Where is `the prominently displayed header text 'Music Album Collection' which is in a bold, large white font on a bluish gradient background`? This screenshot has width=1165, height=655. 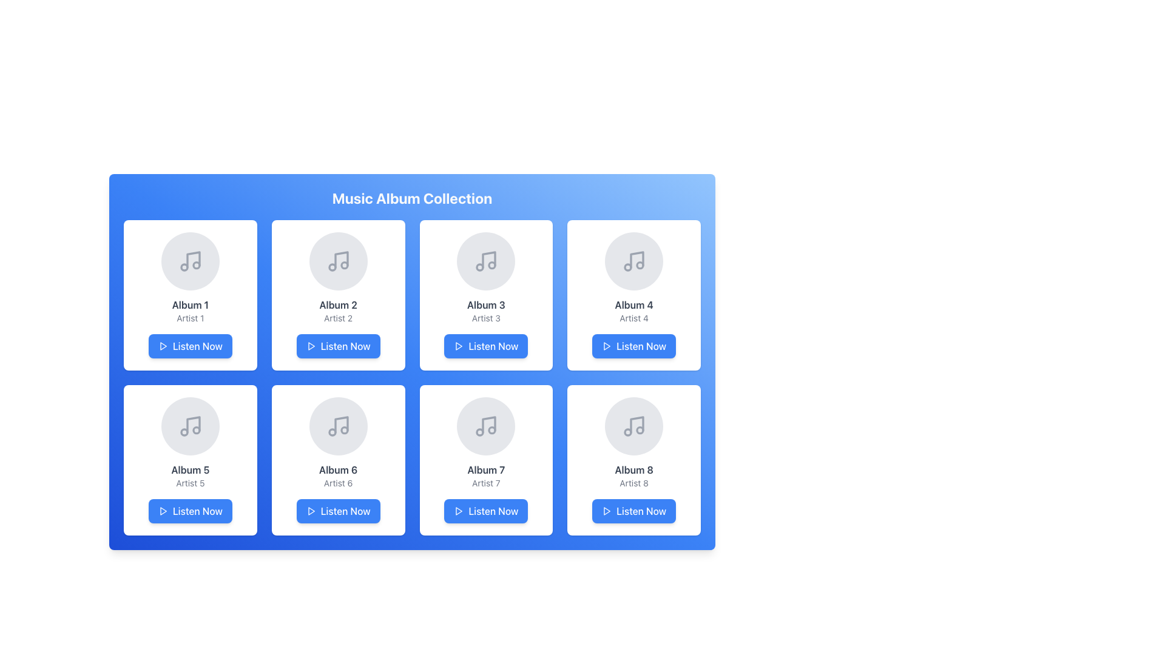 the prominently displayed header text 'Music Album Collection' which is in a bold, large white font on a bluish gradient background is located at coordinates (412, 198).